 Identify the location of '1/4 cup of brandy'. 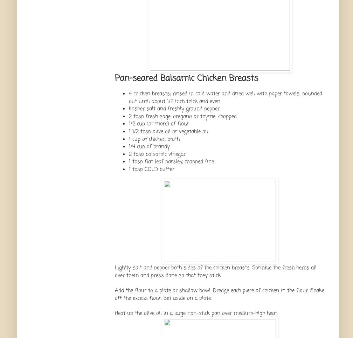
(149, 146).